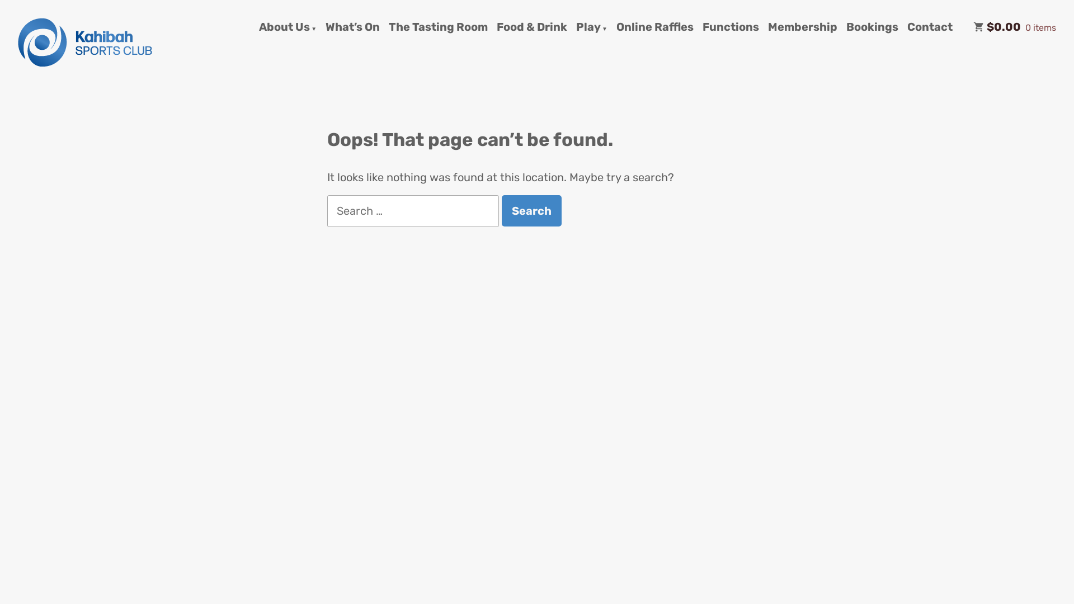 The height and width of the screenshot is (604, 1074). I want to click on 'The Tasting Room', so click(437, 27).